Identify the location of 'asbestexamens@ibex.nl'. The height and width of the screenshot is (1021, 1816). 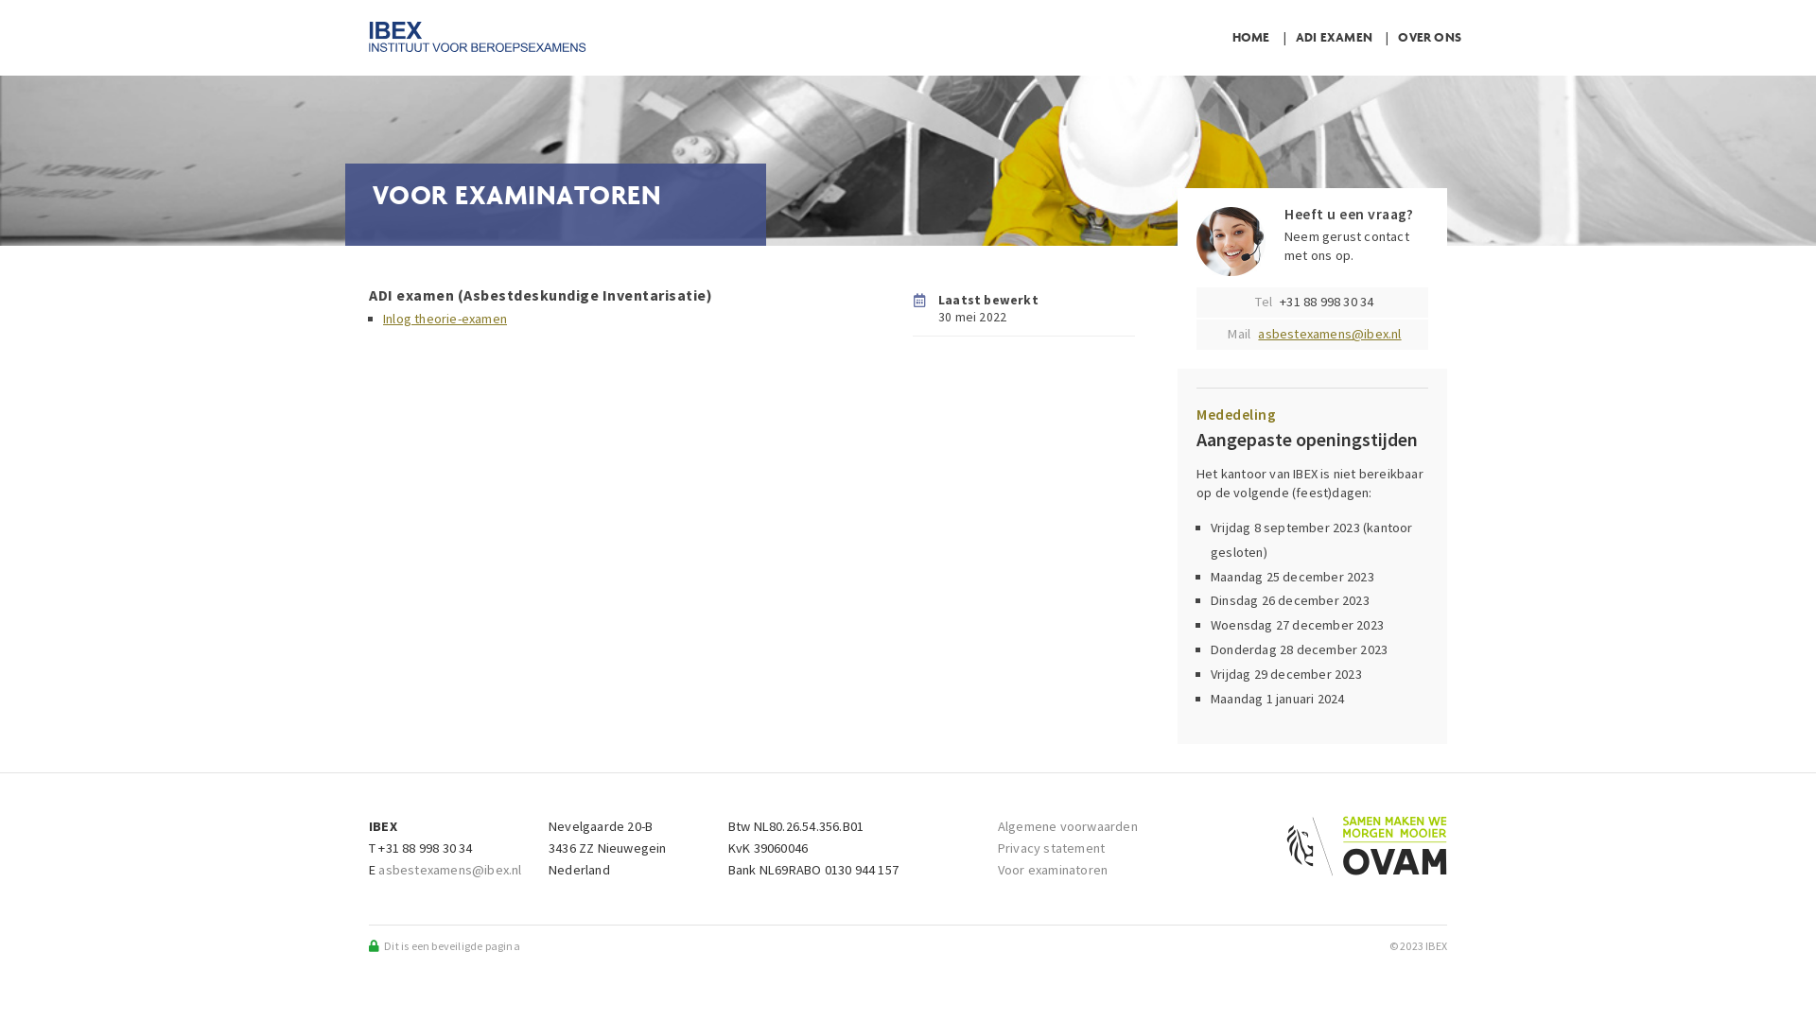
(1257, 333).